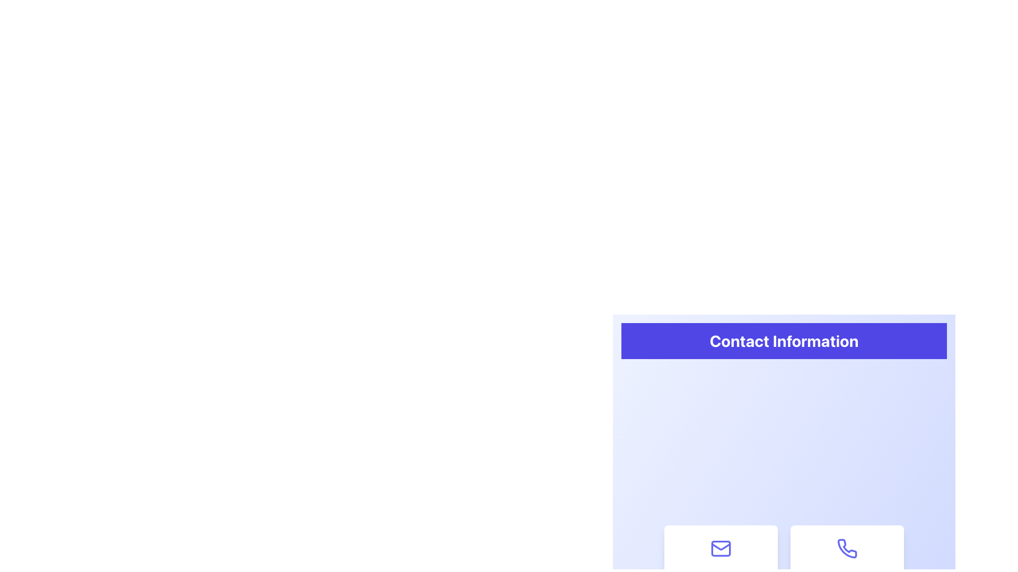 Image resolution: width=1018 pixels, height=572 pixels. Describe the element at coordinates (721, 548) in the screenshot. I see `the upper rectangular shape of the envelope icon, which is part of the icon component related to email or messaging, located beneath the 'Contact Information' header` at that location.